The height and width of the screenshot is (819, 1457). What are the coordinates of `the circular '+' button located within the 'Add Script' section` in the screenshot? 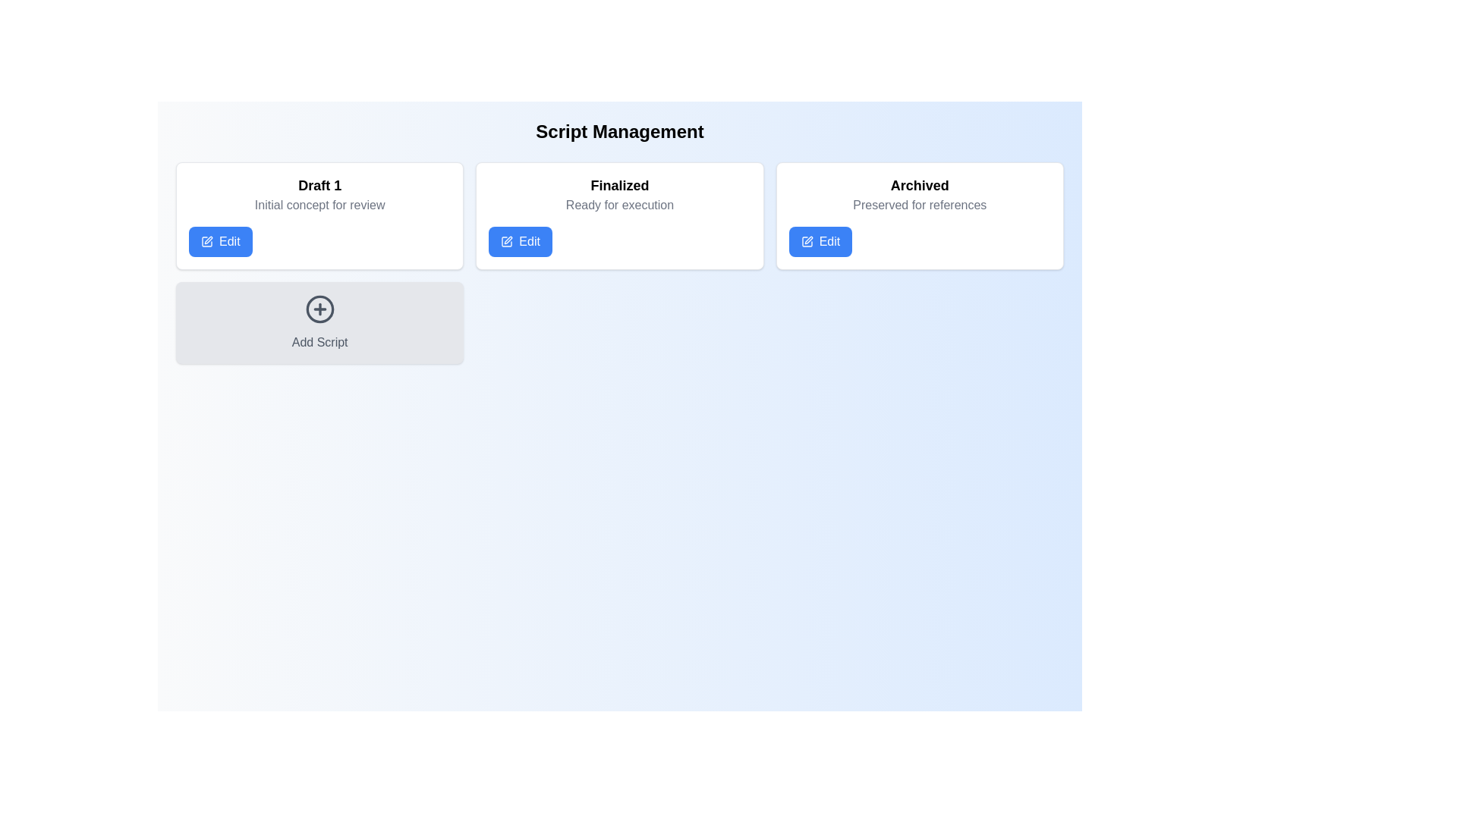 It's located at (319, 309).